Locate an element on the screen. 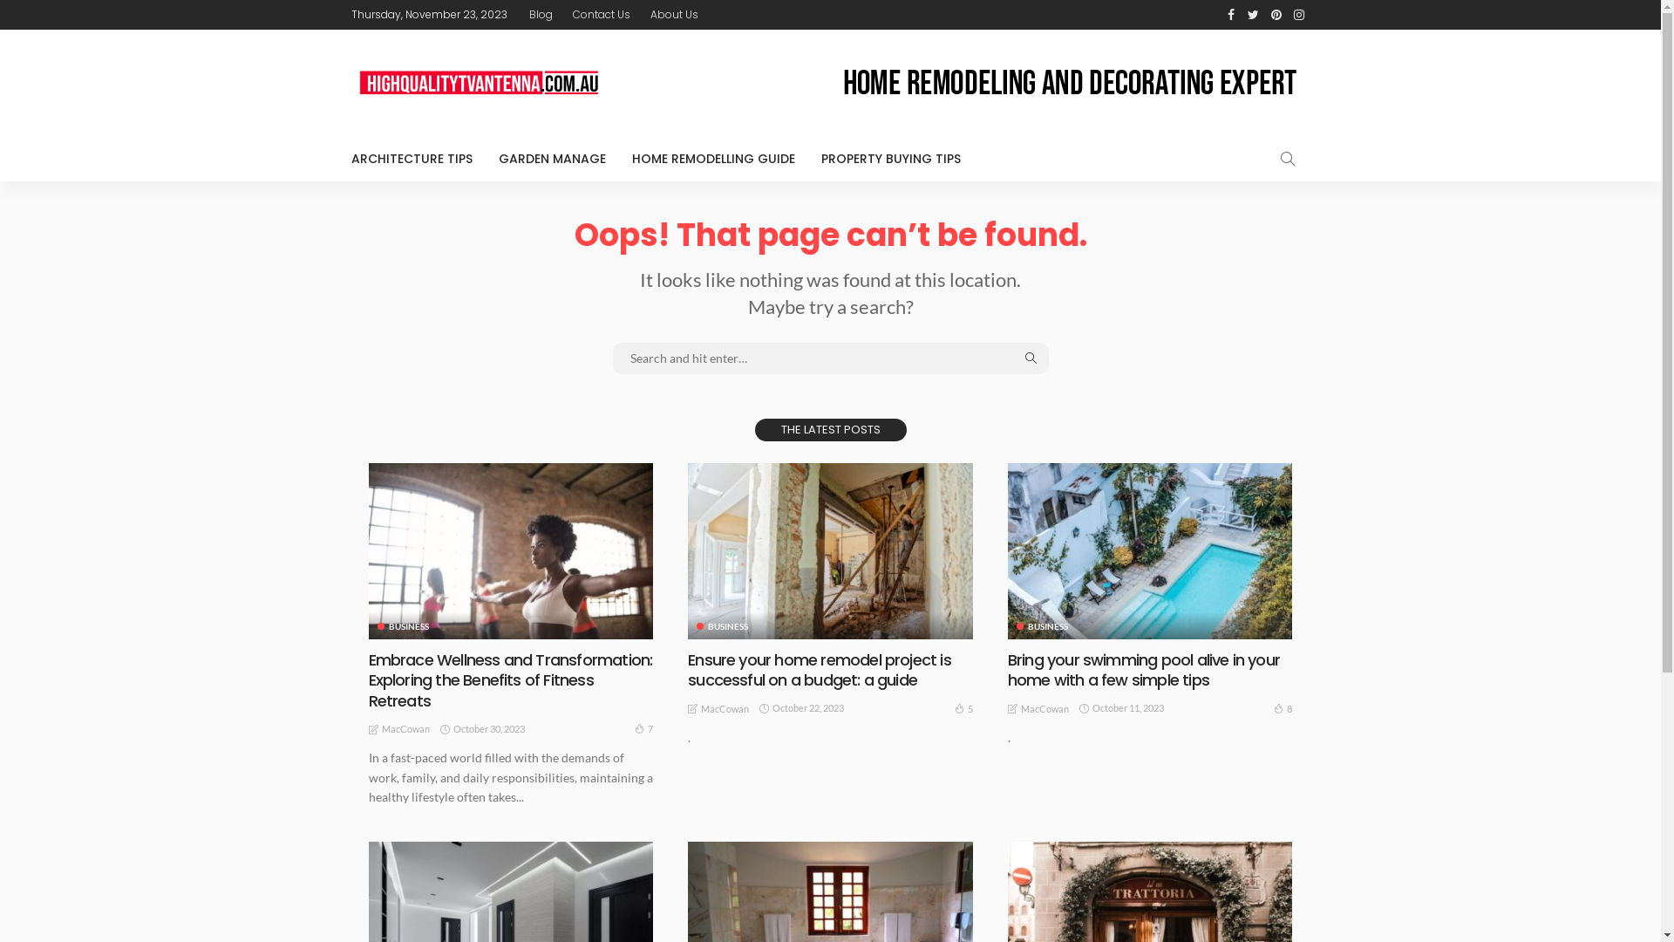  '7' is located at coordinates (643, 728).